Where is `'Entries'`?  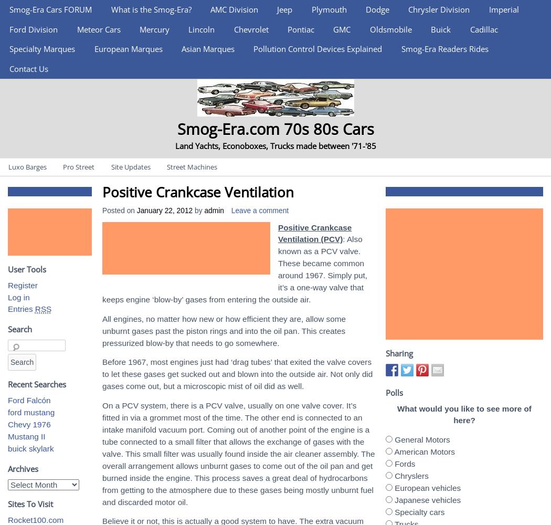 'Entries' is located at coordinates (20, 308).